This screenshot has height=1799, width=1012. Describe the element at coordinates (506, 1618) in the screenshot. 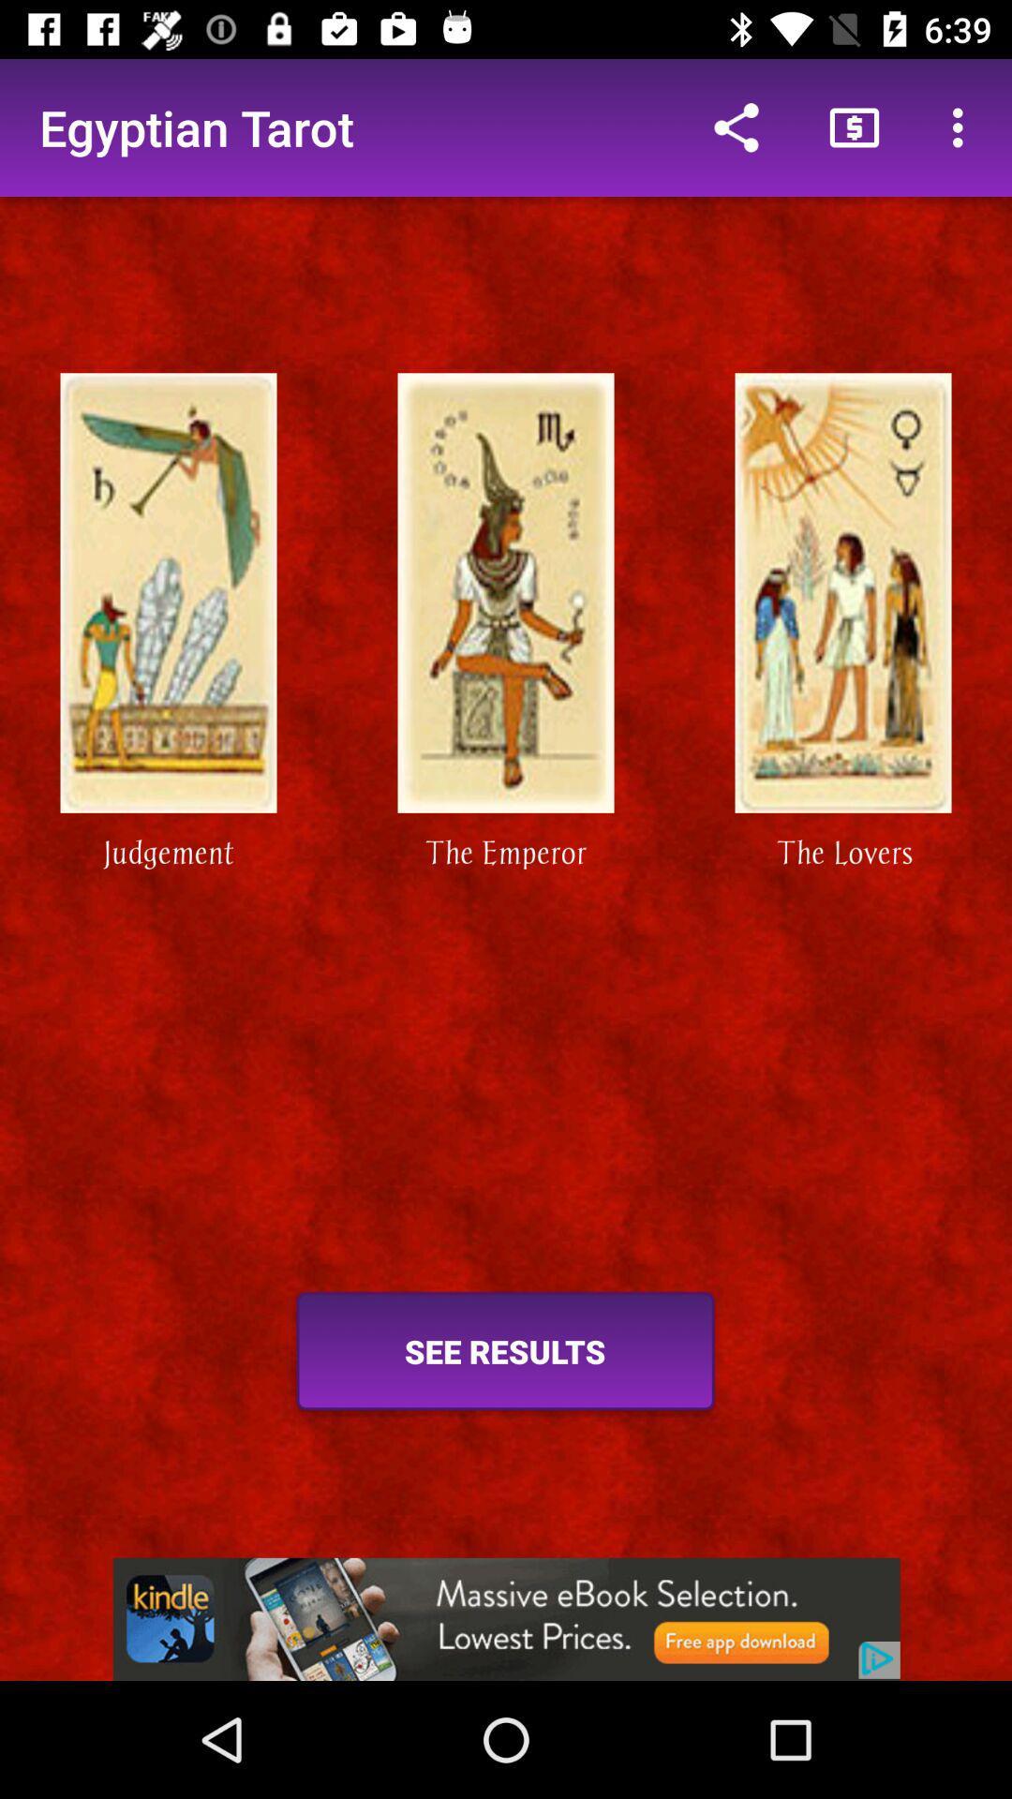

I see `advertisement` at that location.